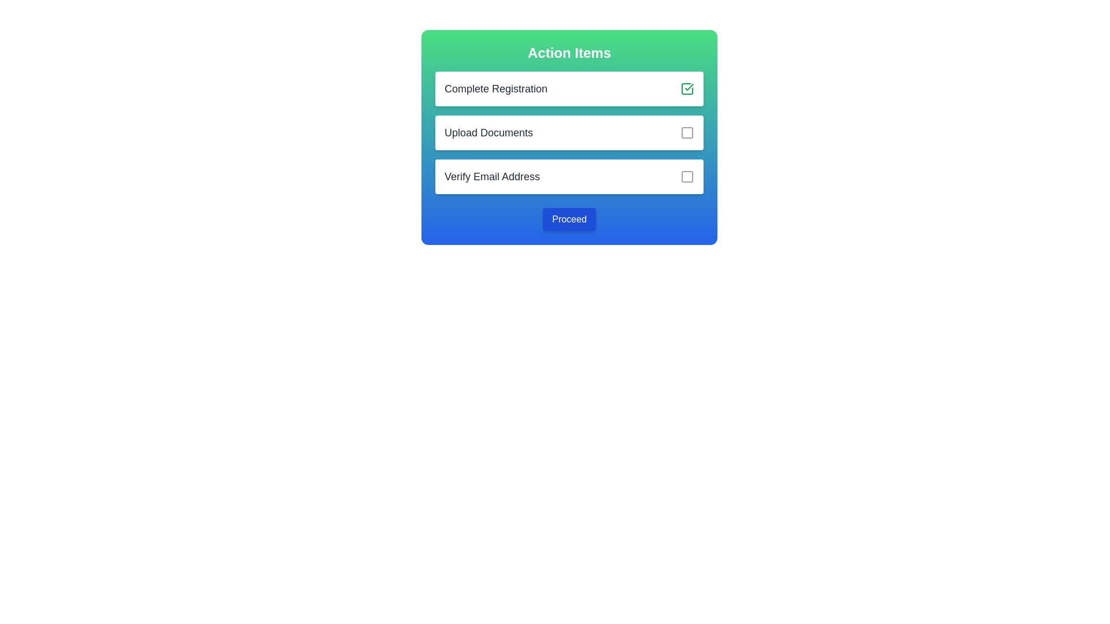 The width and height of the screenshot is (1110, 624). I want to click on the checkbox located to the right of 'Upload Documents' in the 'Action Items' card to change its state, so click(687, 132).